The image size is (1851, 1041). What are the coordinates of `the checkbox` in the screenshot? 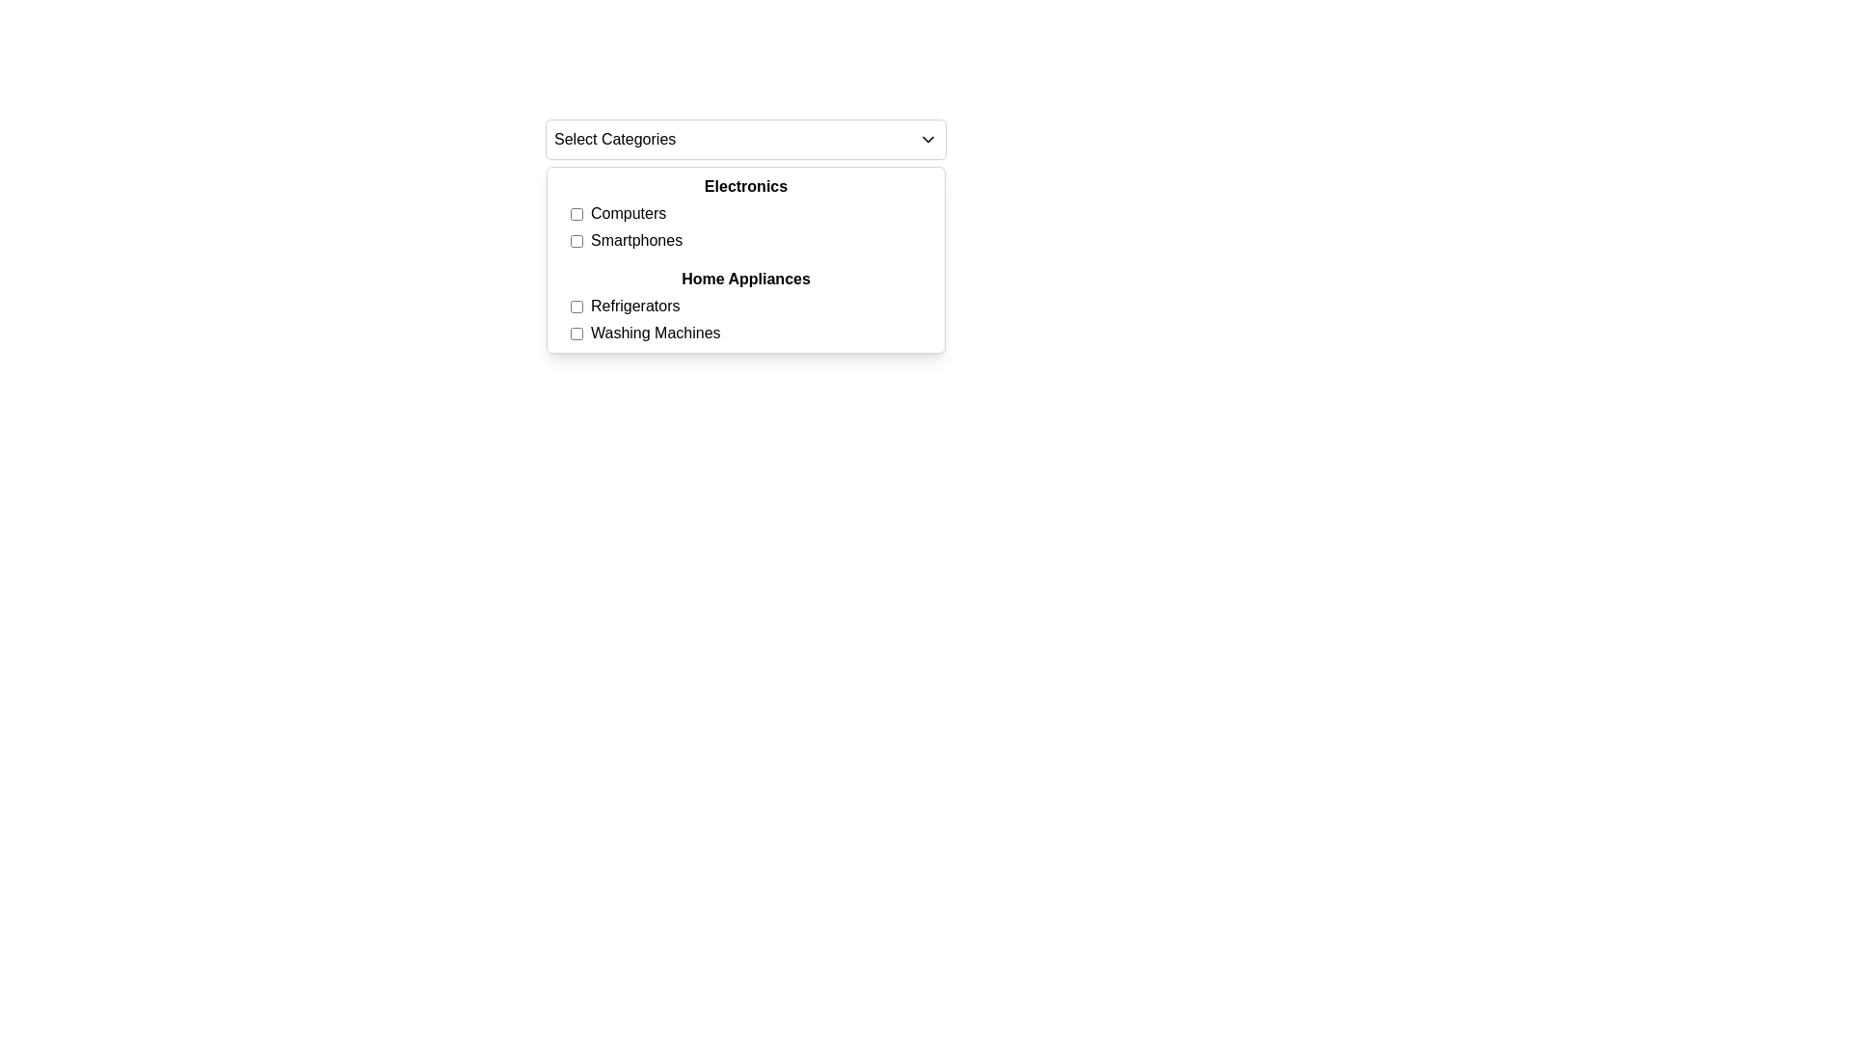 It's located at (576, 305).